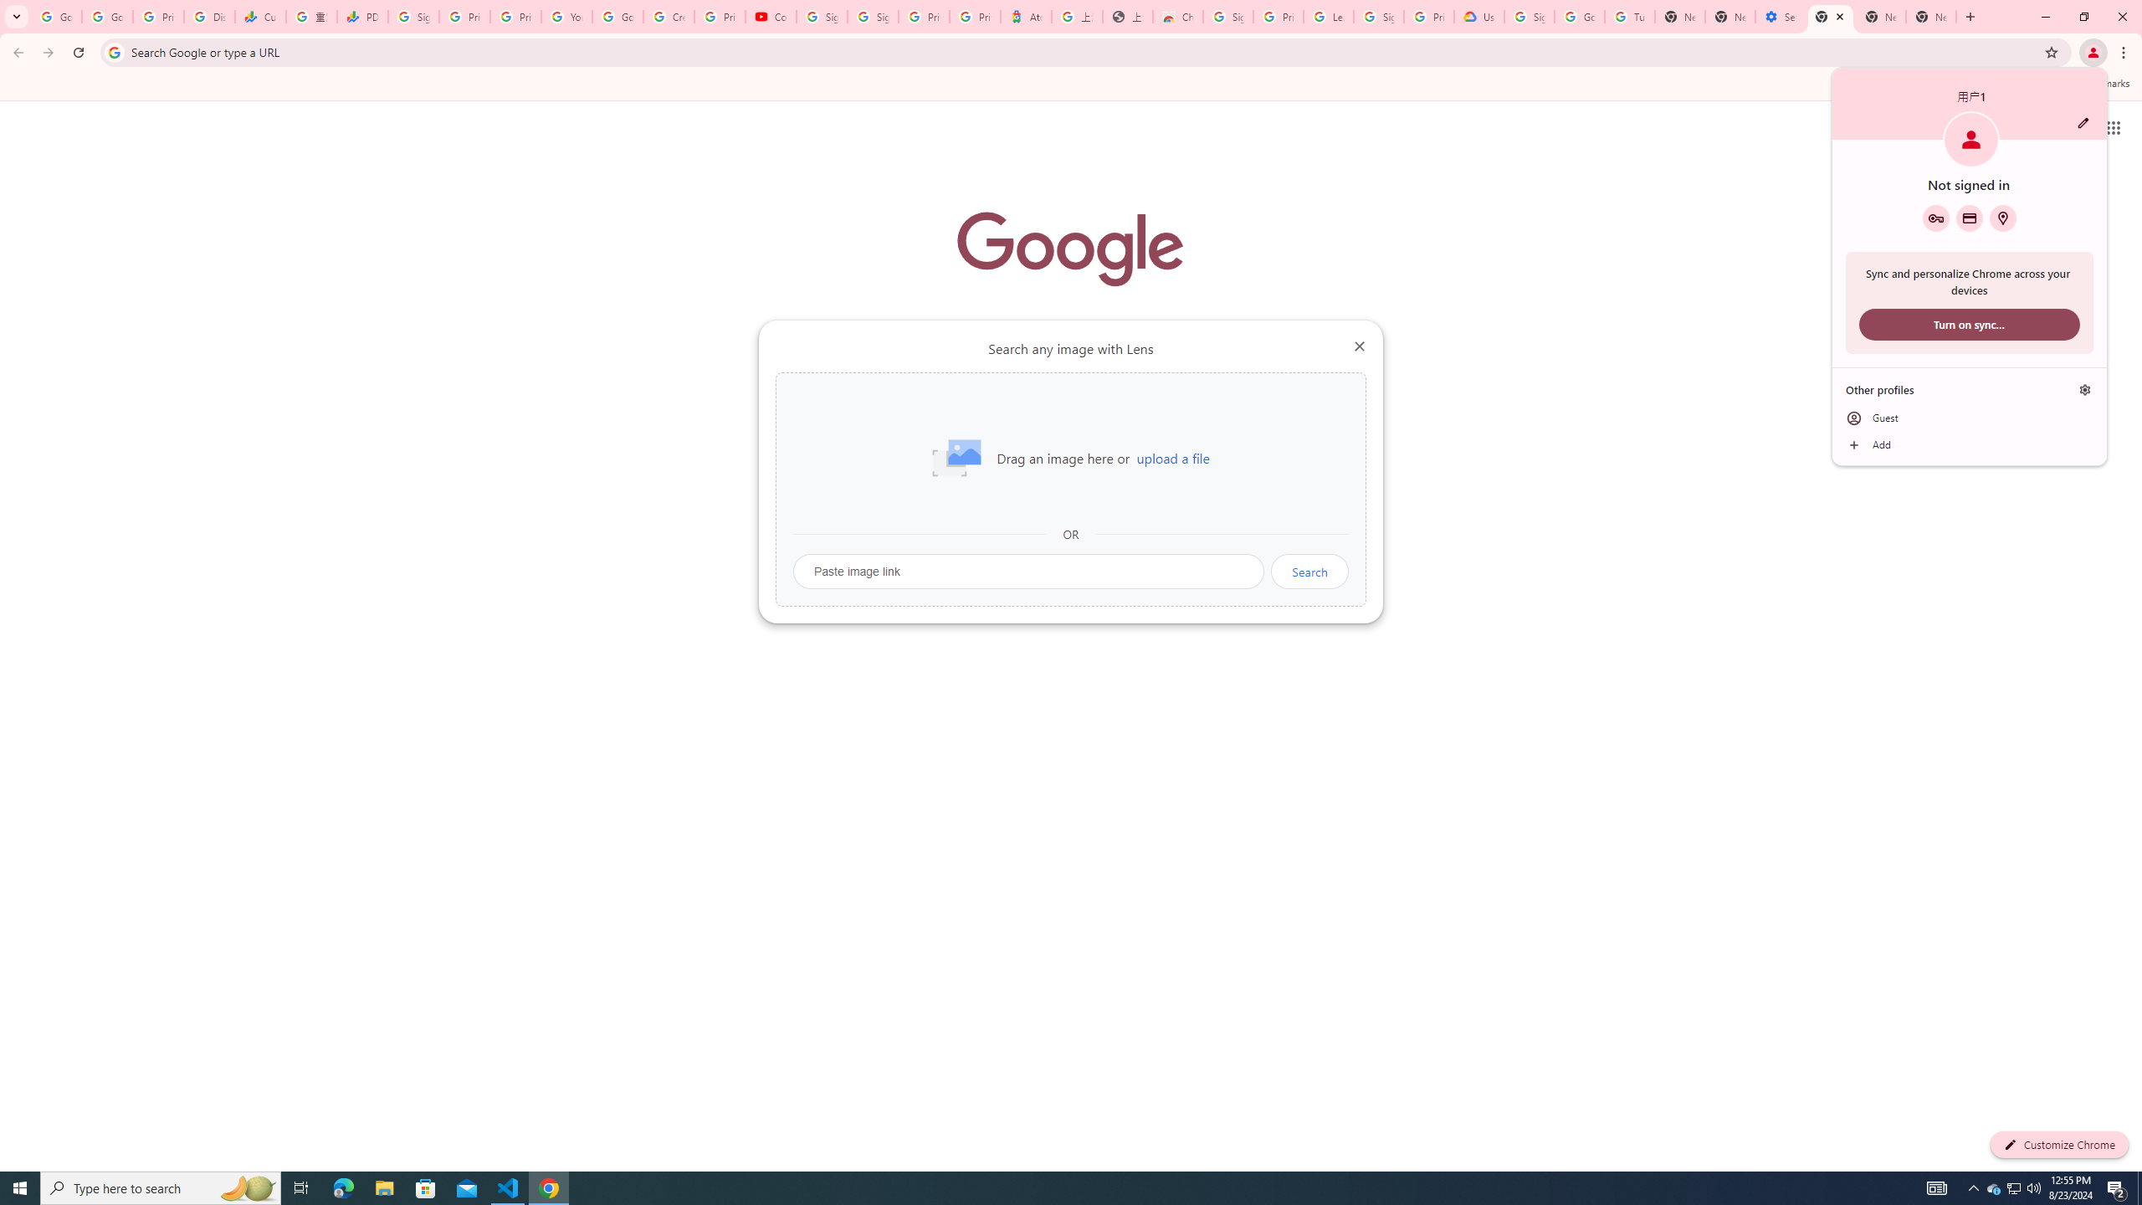  I want to click on 'Type here to search', so click(160, 1187).